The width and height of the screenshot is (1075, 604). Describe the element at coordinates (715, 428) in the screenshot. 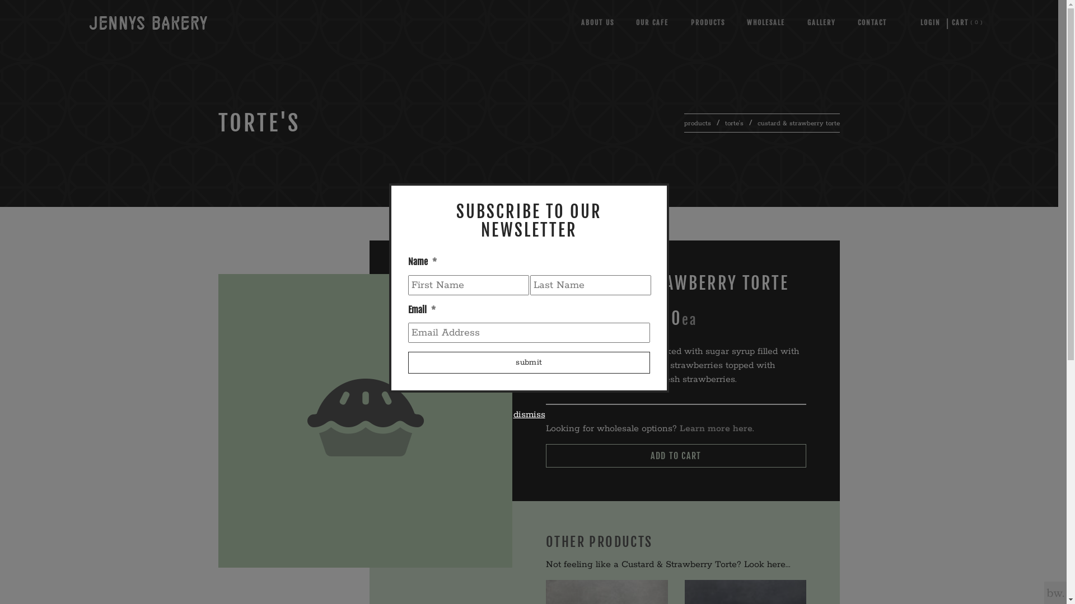

I see `'Learn more here'` at that location.